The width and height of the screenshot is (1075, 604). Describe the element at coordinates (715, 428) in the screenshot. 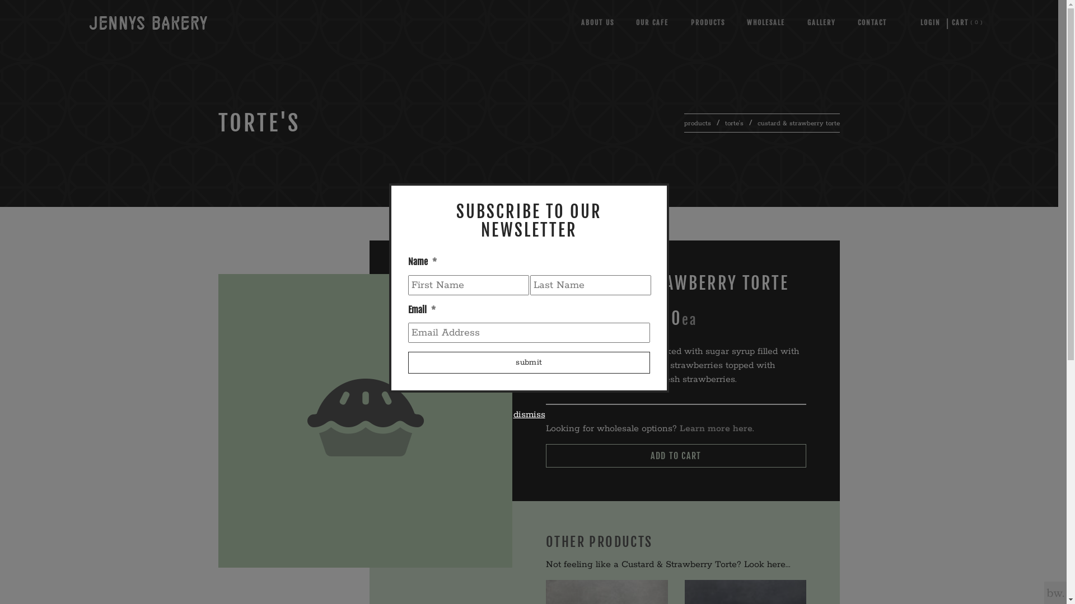

I see `'Learn more here'` at that location.